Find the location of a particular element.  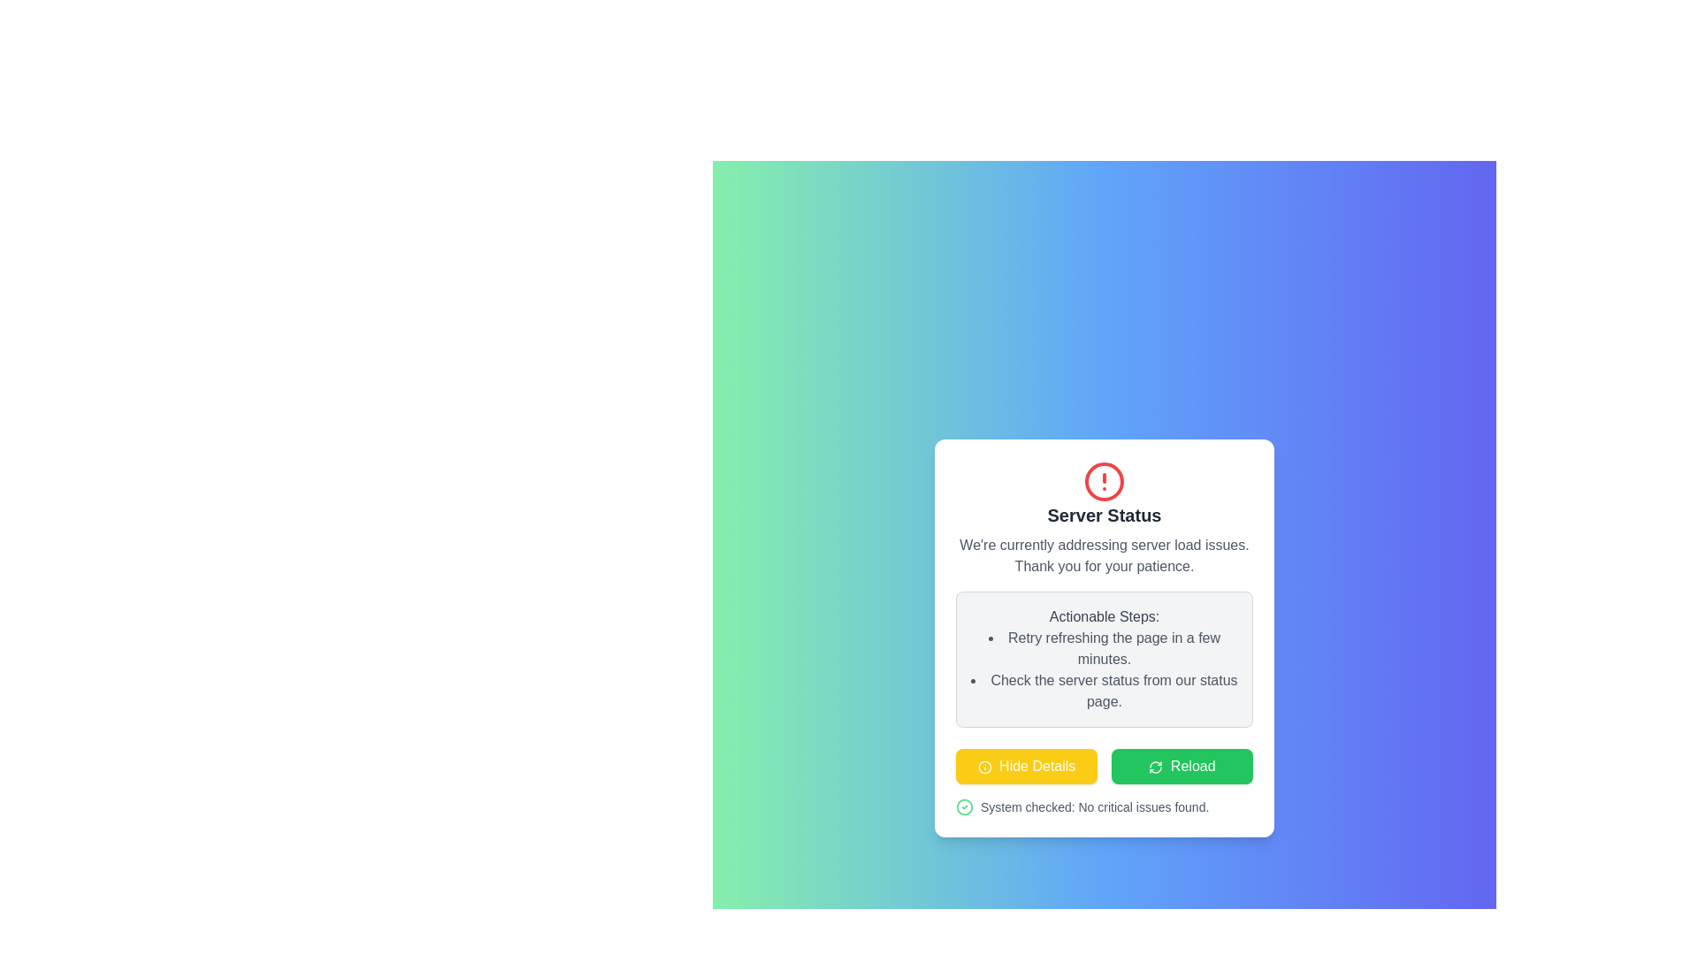

the static text instruction that directs the user to retry refreshing the page, which is the first item in the bulleted list under 'Actionable Steps' is located at coordinates (1103, 648).